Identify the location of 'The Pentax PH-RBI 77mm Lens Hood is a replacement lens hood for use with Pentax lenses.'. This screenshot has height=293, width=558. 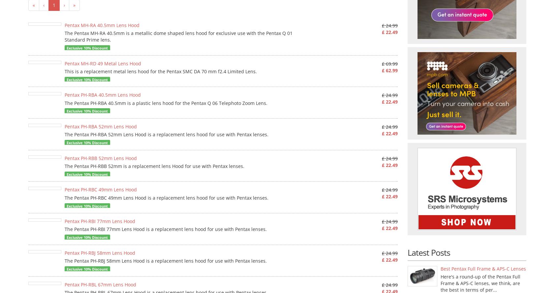
(166, 229).